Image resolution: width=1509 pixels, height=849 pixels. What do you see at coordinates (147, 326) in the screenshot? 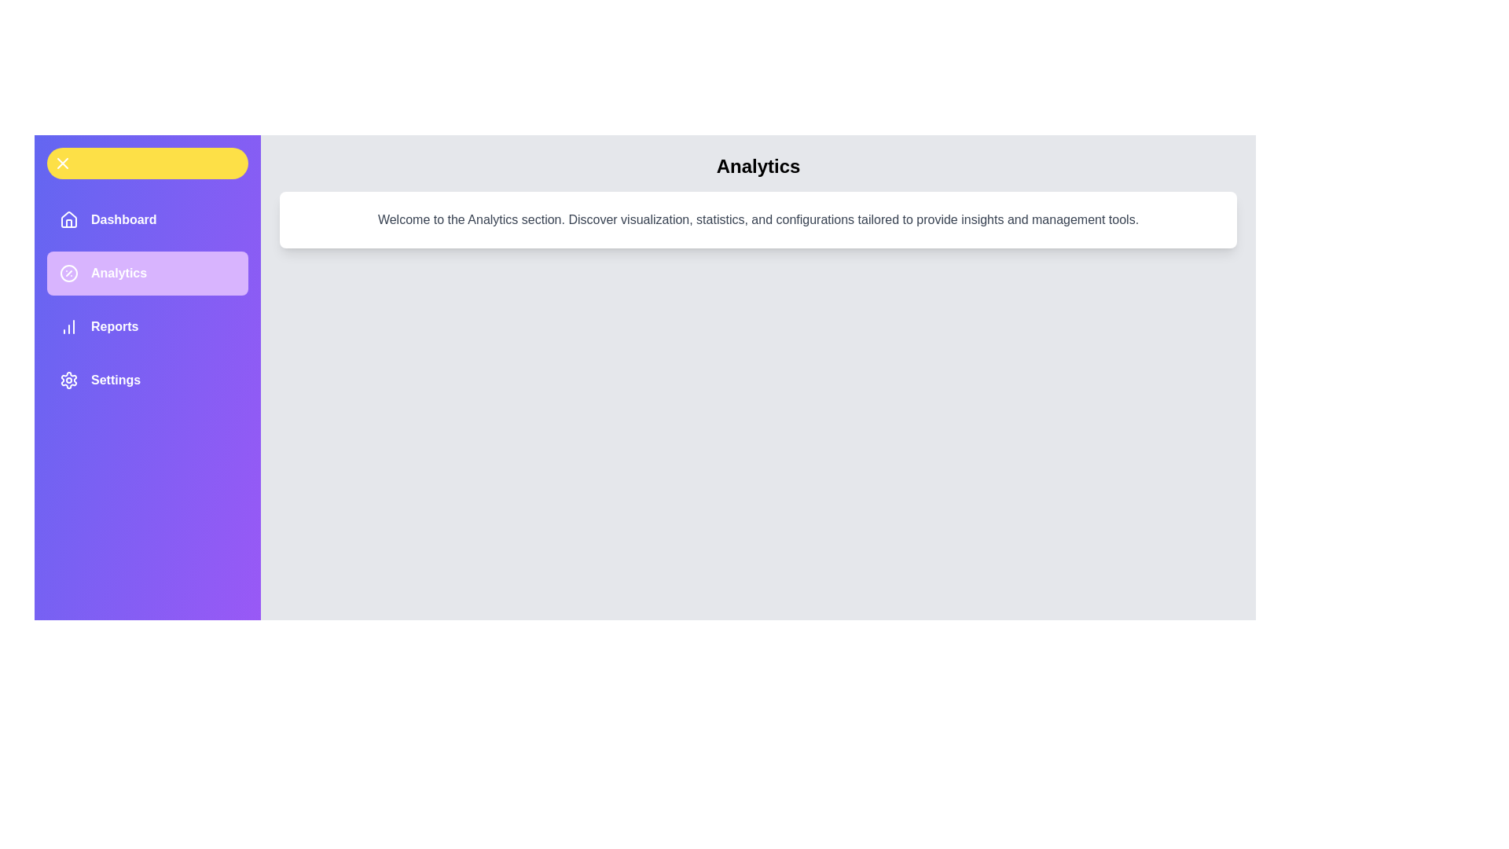
I see `the menu item labeled Reports to observe its hover effect` at bounding box center [147, 326].